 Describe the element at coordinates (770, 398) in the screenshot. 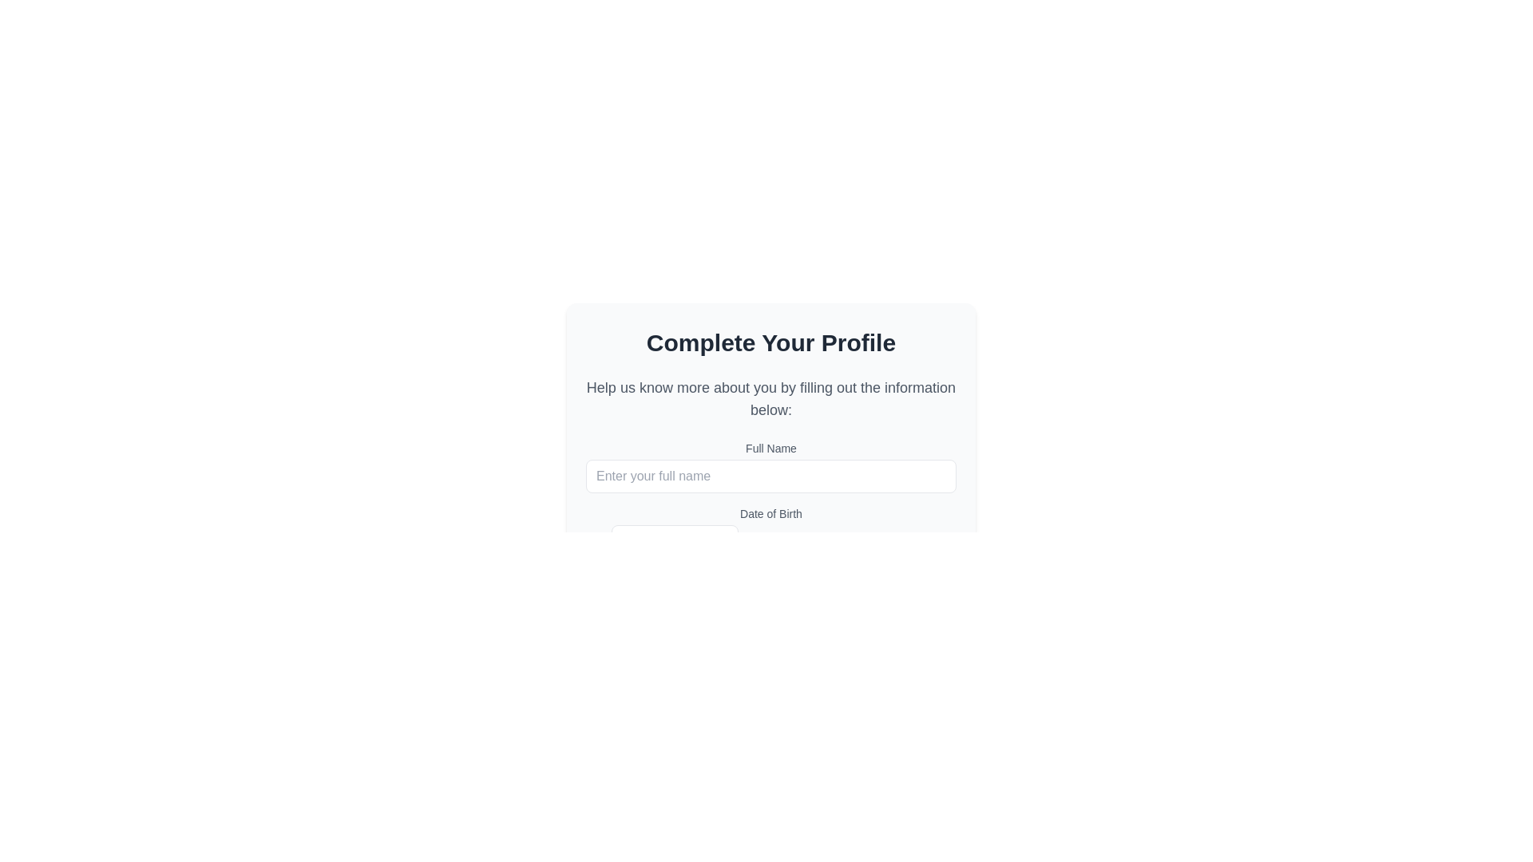

I see `the introductory text block located beneath the title 'Complete Your Profile', which guides users about the form's purpose` at that location.